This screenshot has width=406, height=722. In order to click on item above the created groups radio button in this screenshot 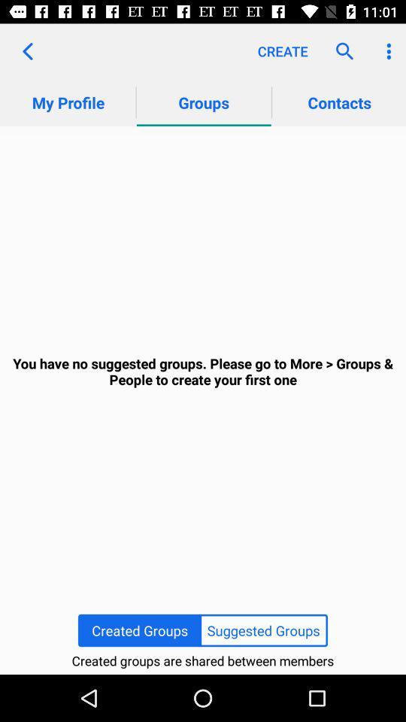, I will do `click(203, 371)`.